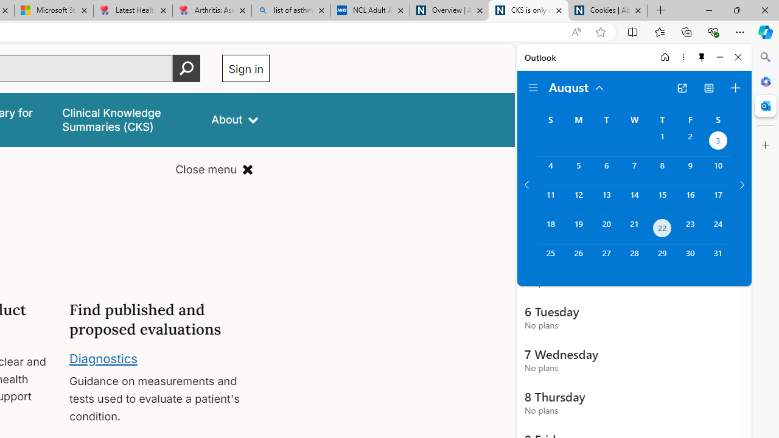  I want to click on 'Perform search', so click(186, 68).